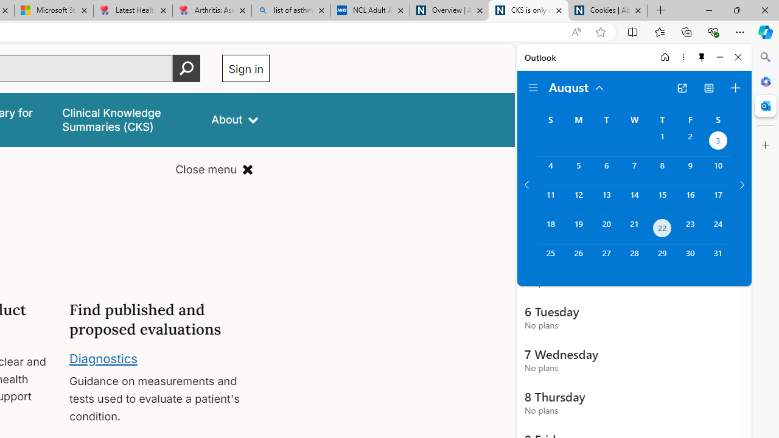  I want to click on 'Perform search', so click(186, 68).